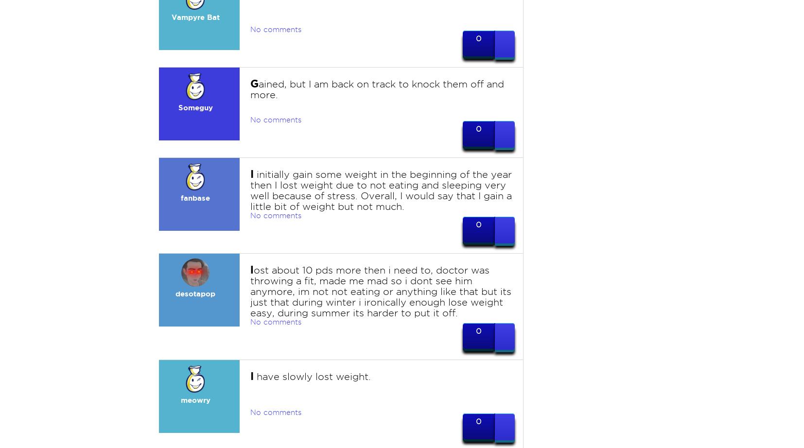  What do you see at coordinates (380, 292) in the screenshot?
I see `'ost about 10 pds more then i need to, doctor was throwing a fit, made me mad so i dont see him anymore, im not not eating or anything like that but its just that during winter i ironically enough lose weight easy, during summer its harder to put it off.'` at bounding box center [380, 292].